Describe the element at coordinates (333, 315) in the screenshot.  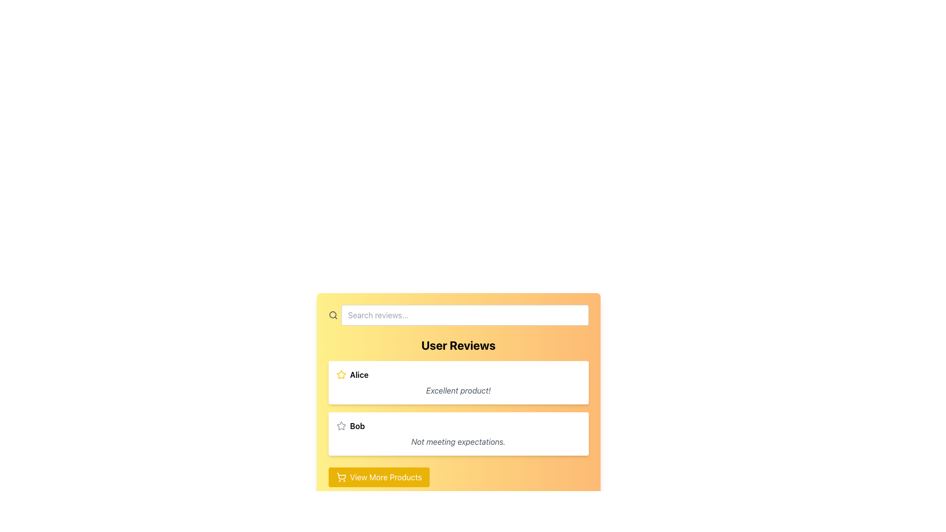
I see `the small circular gray magnifying glass icon located to the left of the search bar labeled 'Search reviews...'` at that location.